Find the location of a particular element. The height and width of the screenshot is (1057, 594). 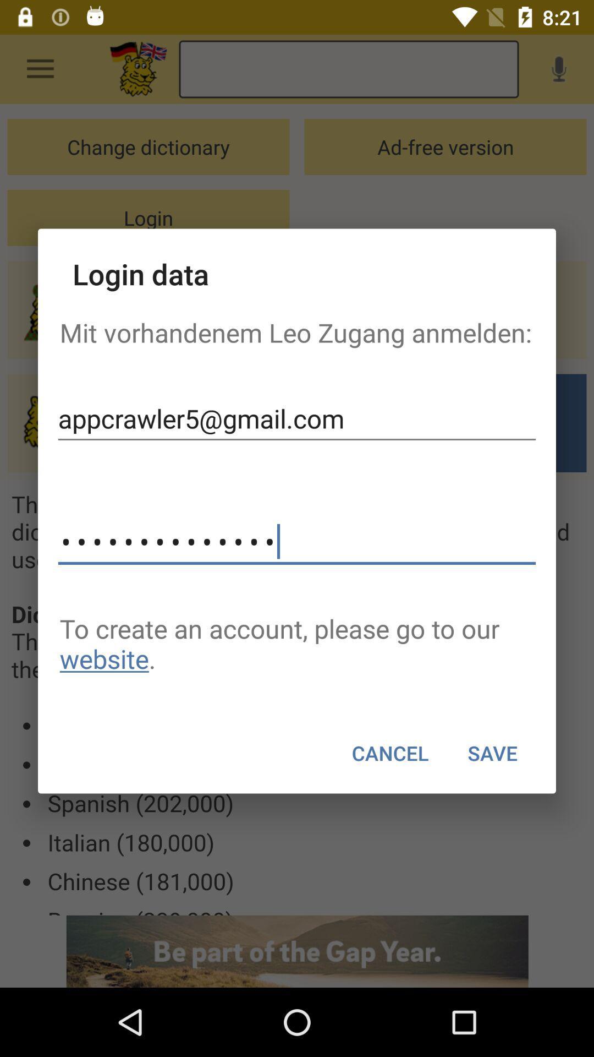

item below to create an icon is located at coordinates (492, 753).